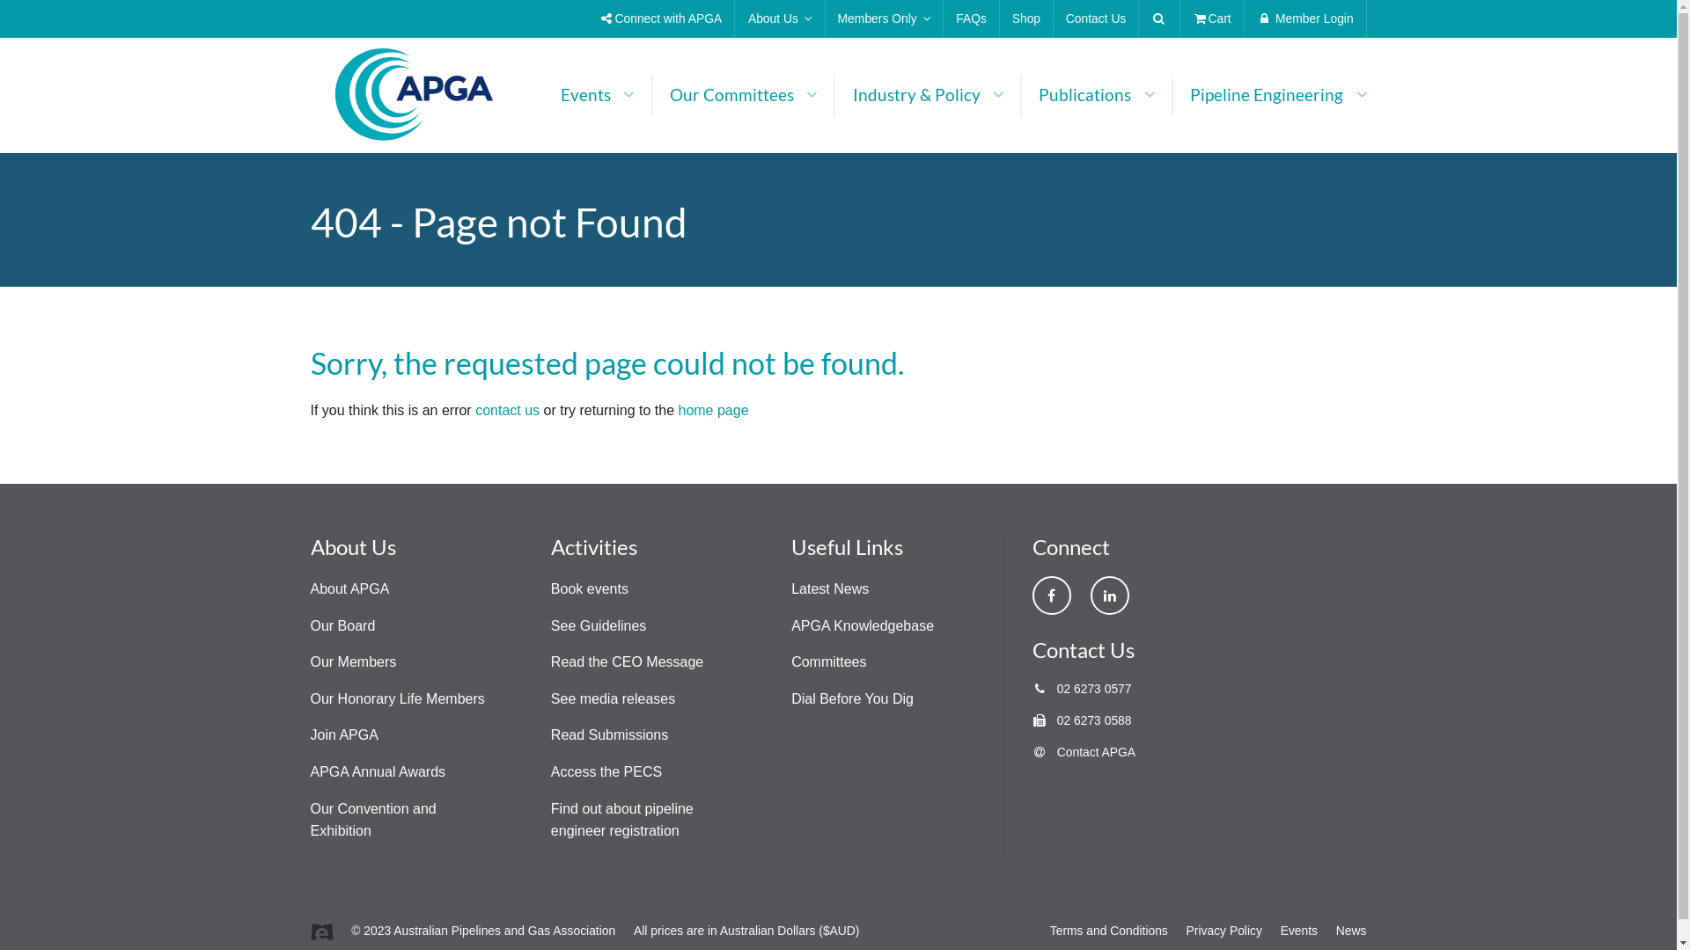 Image resolution: width=1690 pixels, height=950 pixels. Describe the element at coordinates (1305, 18) in the screenshot. I see `'Member Login'` at that location.